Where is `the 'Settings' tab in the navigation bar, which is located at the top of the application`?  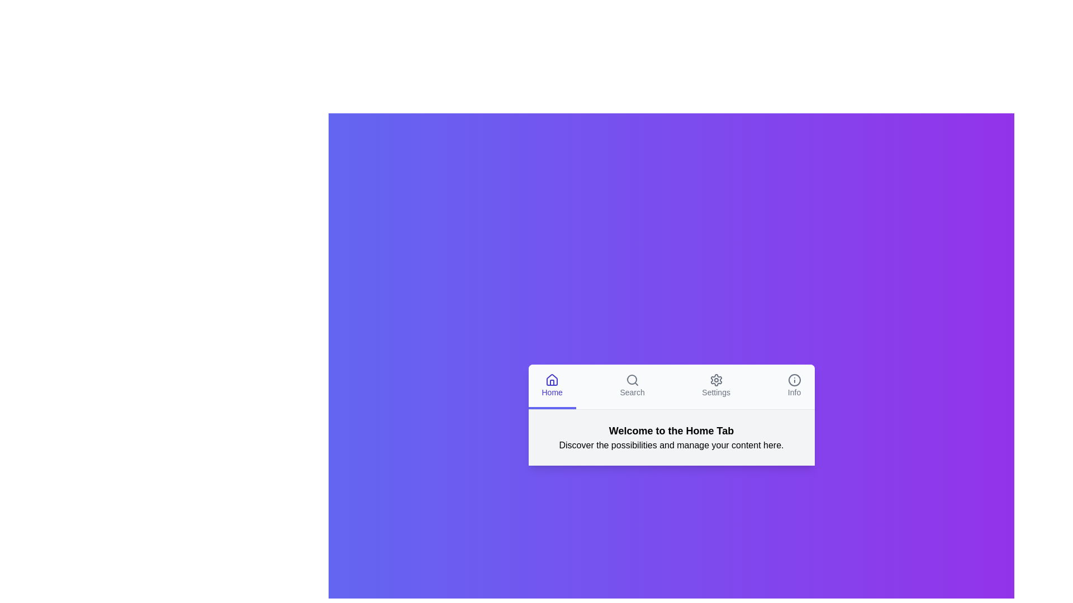
the 'Settings' tab in the navigation bar, which is located at the top of the application is located at coordinates (671, 386).